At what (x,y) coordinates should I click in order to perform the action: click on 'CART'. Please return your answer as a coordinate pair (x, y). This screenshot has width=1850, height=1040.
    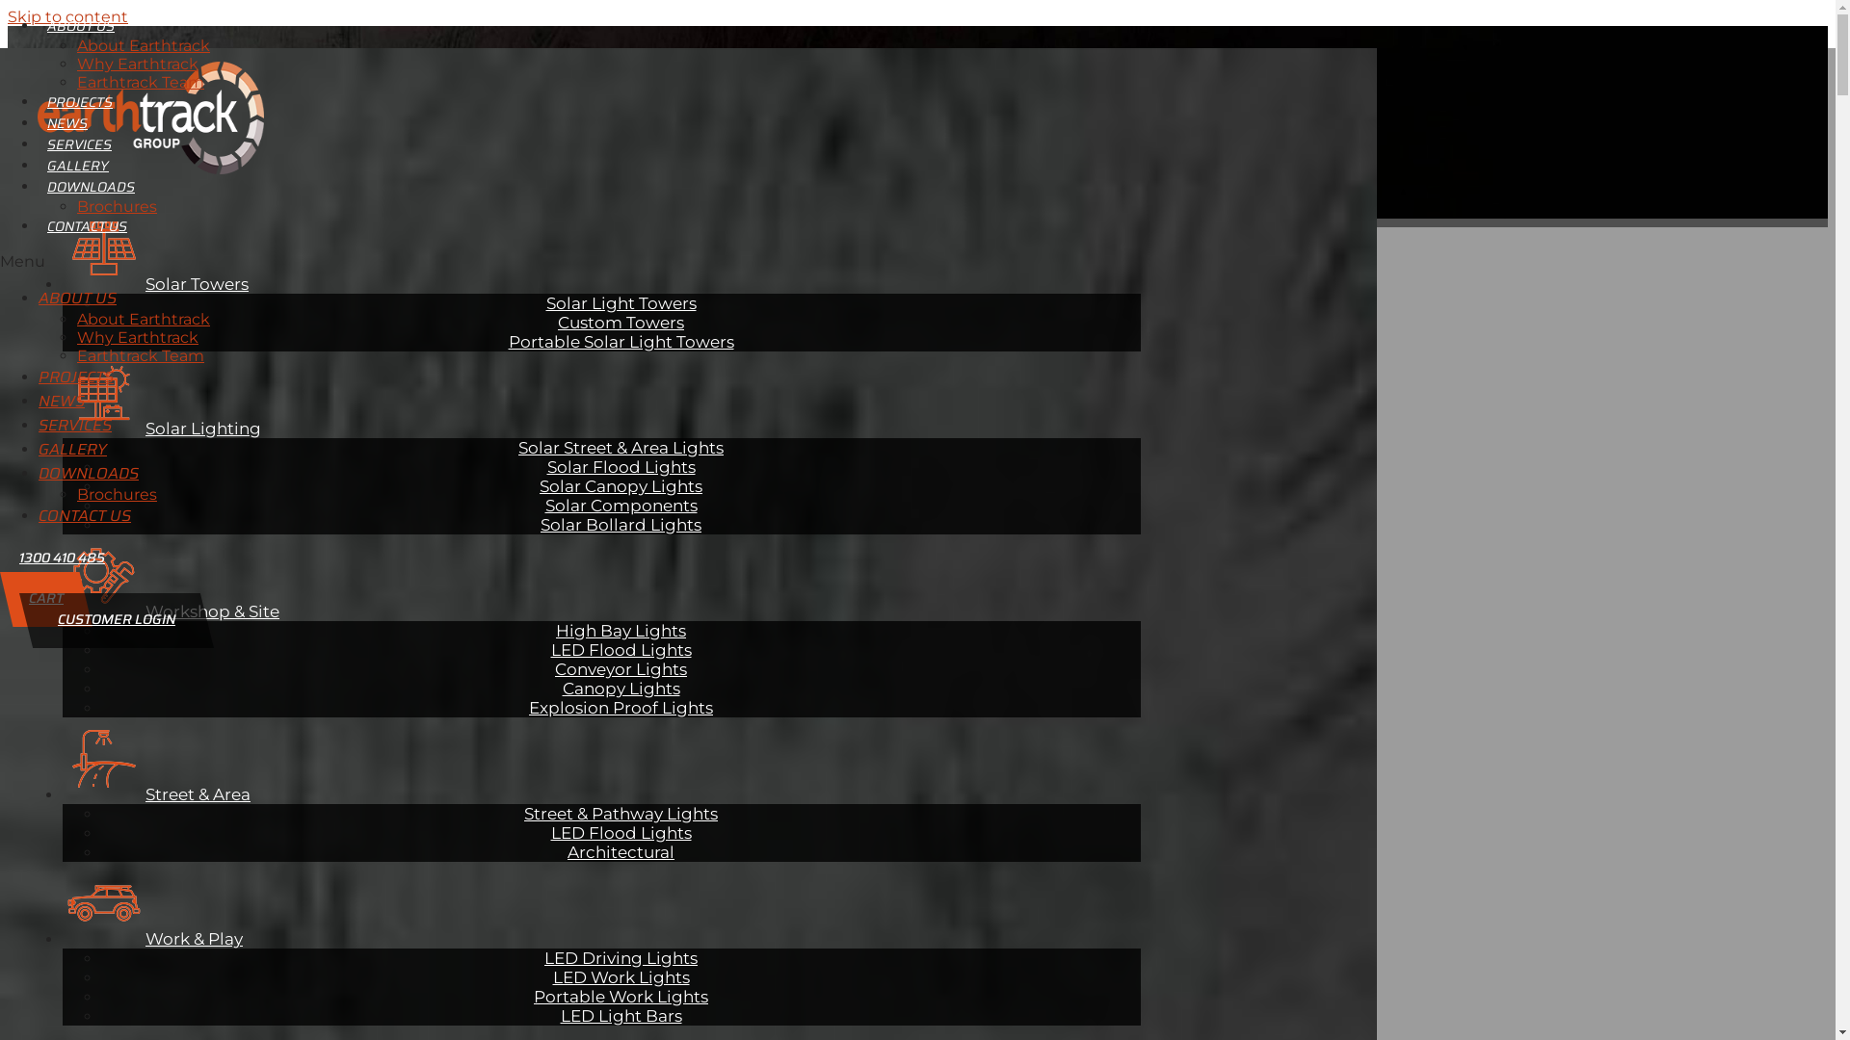
    Looking at the image, I should click on (0, 598).